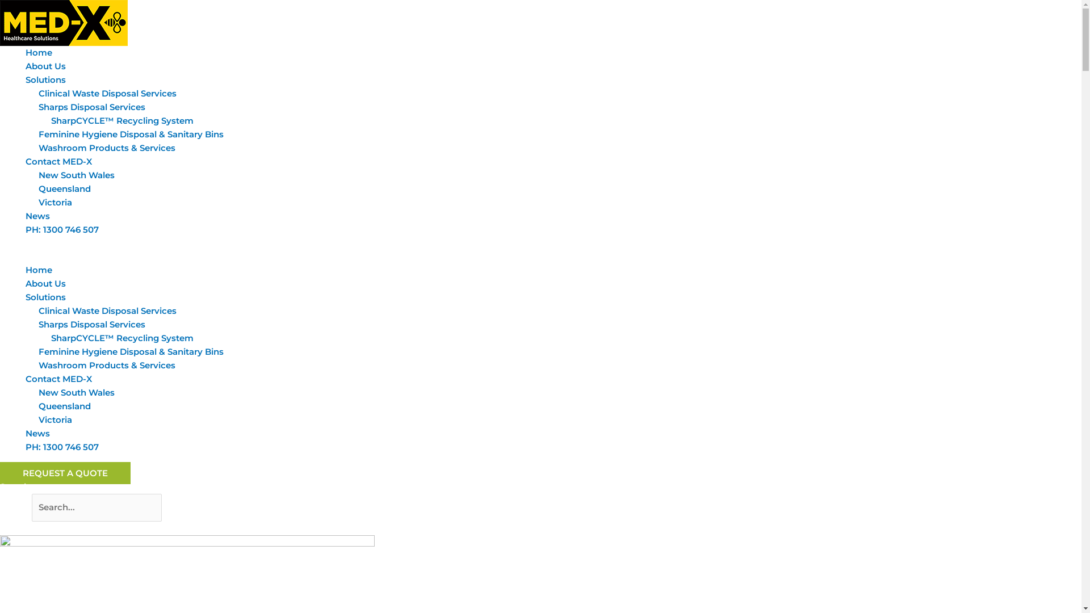  What do you see at coordinates (58, 379) in the screenshot?
I see `'Contact MED-X'` at bounding box center [58, 379].